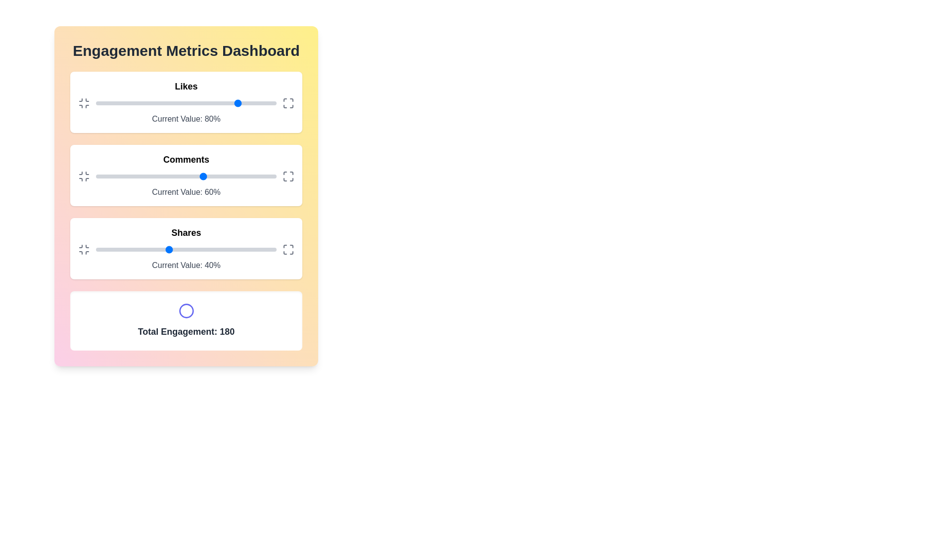 The height and width of the screenshot is (534, 950). What do you see at coordinates (126, 176) in the screenshot?
I see `comments` at bounding box center [126, 176].